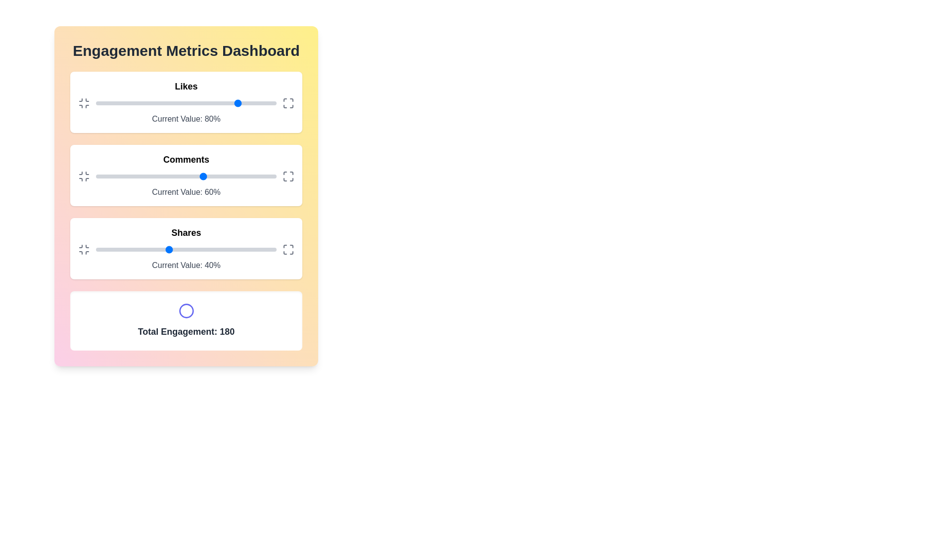 The height and width of the screenshot is (534, 950). What do you see at coordinates (126, 176) in the screenshot?
I see `comments` at bounding box center [126, 176].